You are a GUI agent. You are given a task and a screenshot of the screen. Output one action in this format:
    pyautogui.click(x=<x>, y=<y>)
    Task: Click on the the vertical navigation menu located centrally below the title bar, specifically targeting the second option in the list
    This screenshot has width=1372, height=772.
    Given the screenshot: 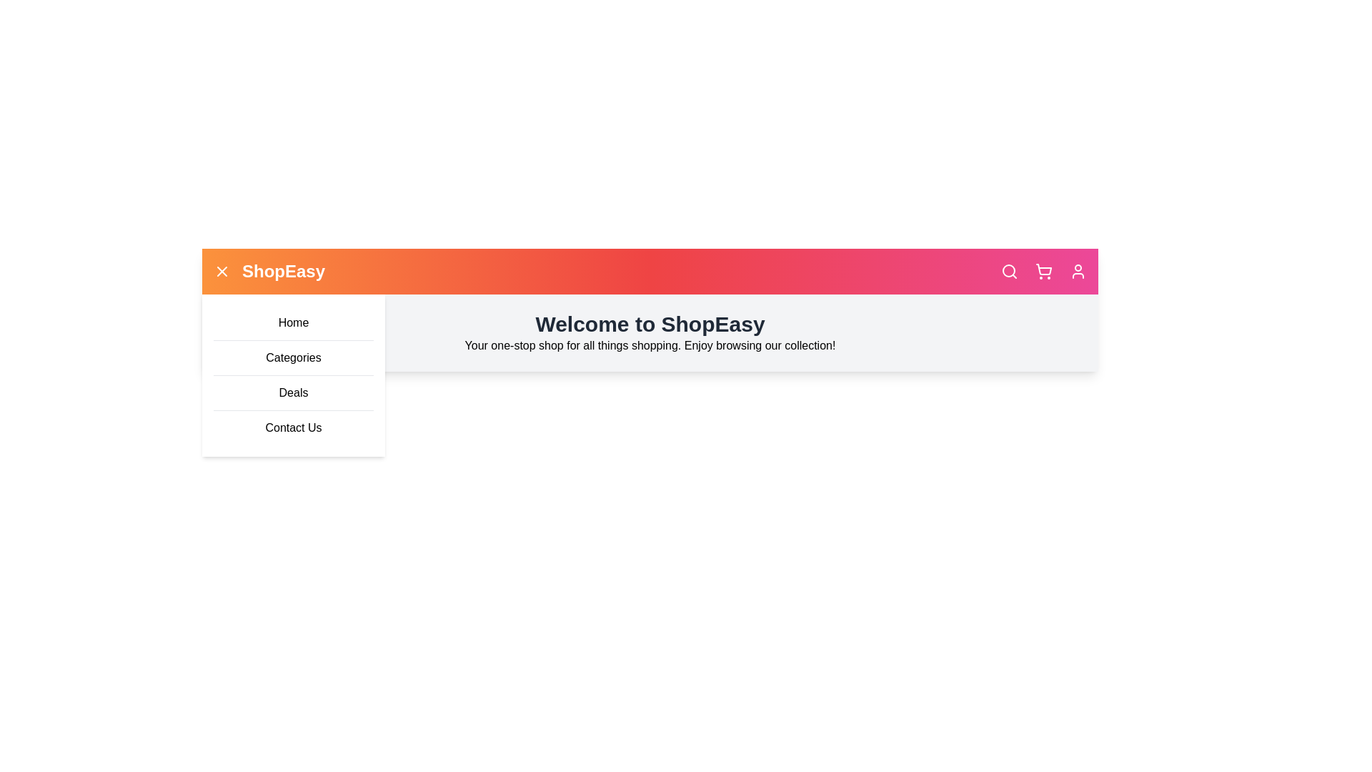 What is the action you would take?
    pyautogui.click(x=293, y=375)
    